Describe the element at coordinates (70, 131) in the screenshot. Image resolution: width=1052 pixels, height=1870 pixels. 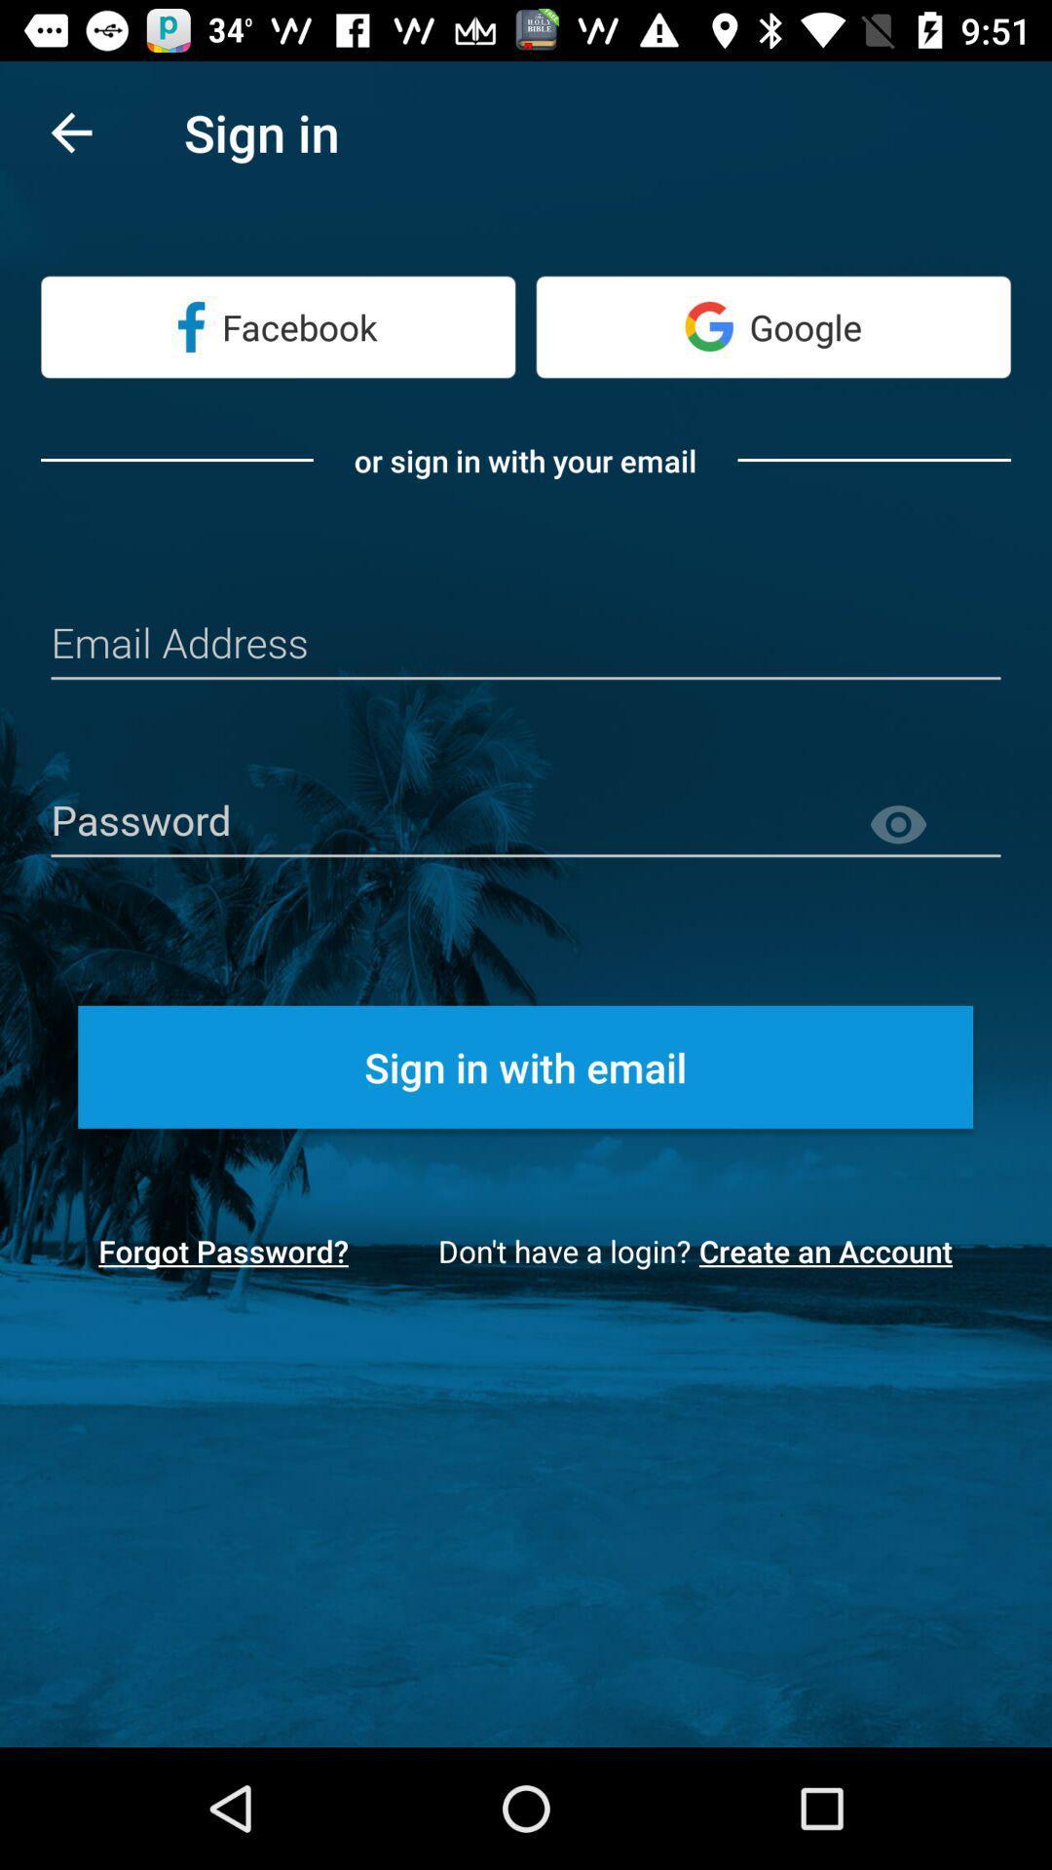
I see `the item to the left of the sign in icon` at that location.